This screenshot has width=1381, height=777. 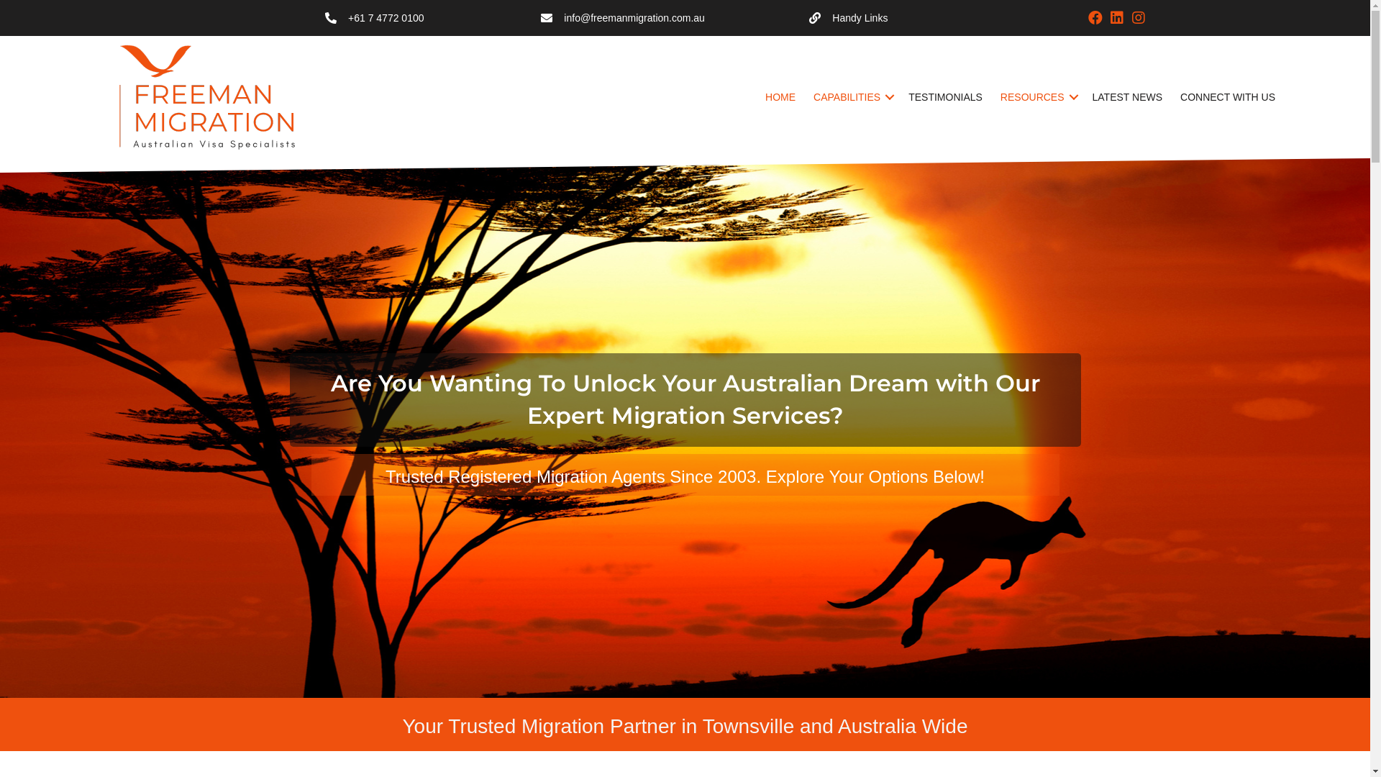 What do you see at coordinates (1138, 17) in the screenshot?
I see `'Instagram'` at bounding box center [1138, 17].